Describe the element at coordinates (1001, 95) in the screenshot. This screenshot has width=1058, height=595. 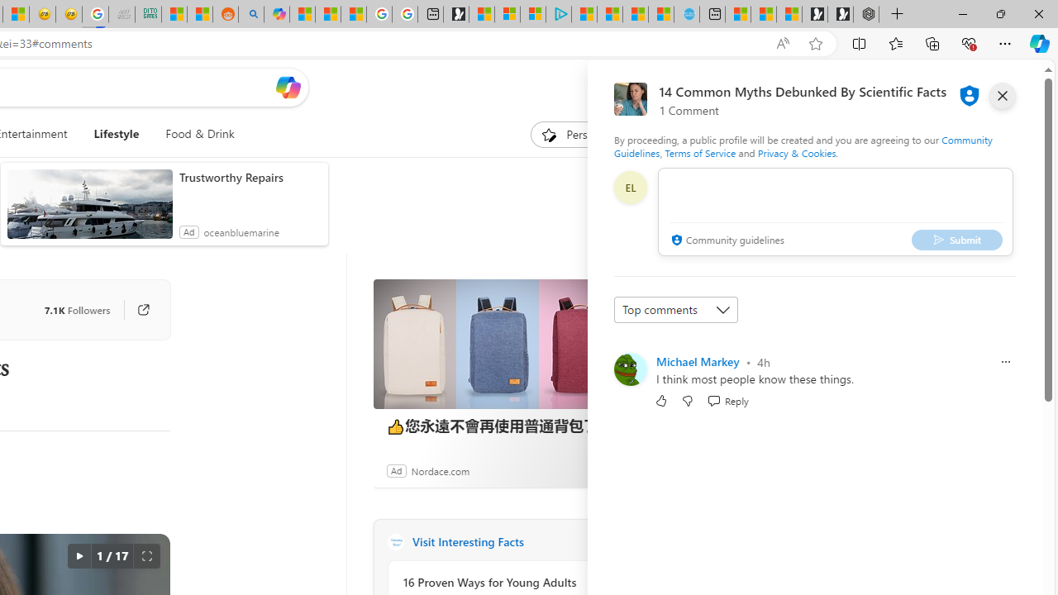
I see `'close'` at that location.